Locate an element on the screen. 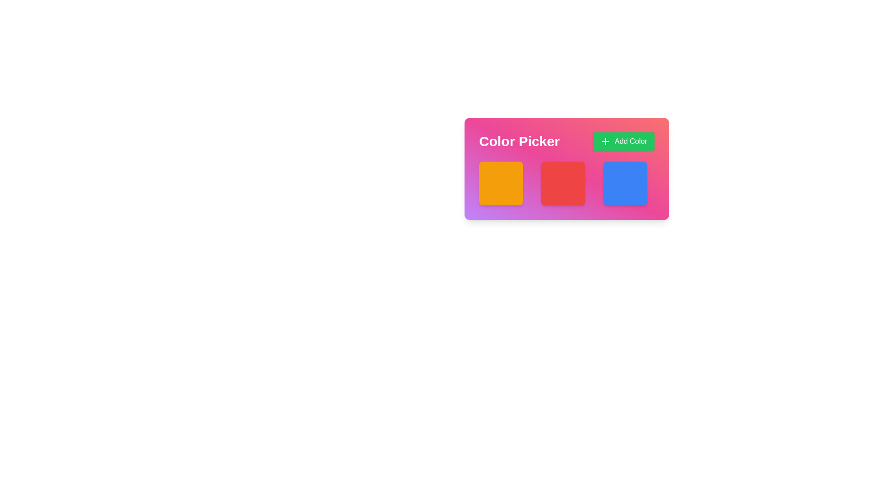 Image resolution: width=877 pixels, height=493 pixels. the blue selectable color square in the color picker interface is located at coordinates (624, 183).